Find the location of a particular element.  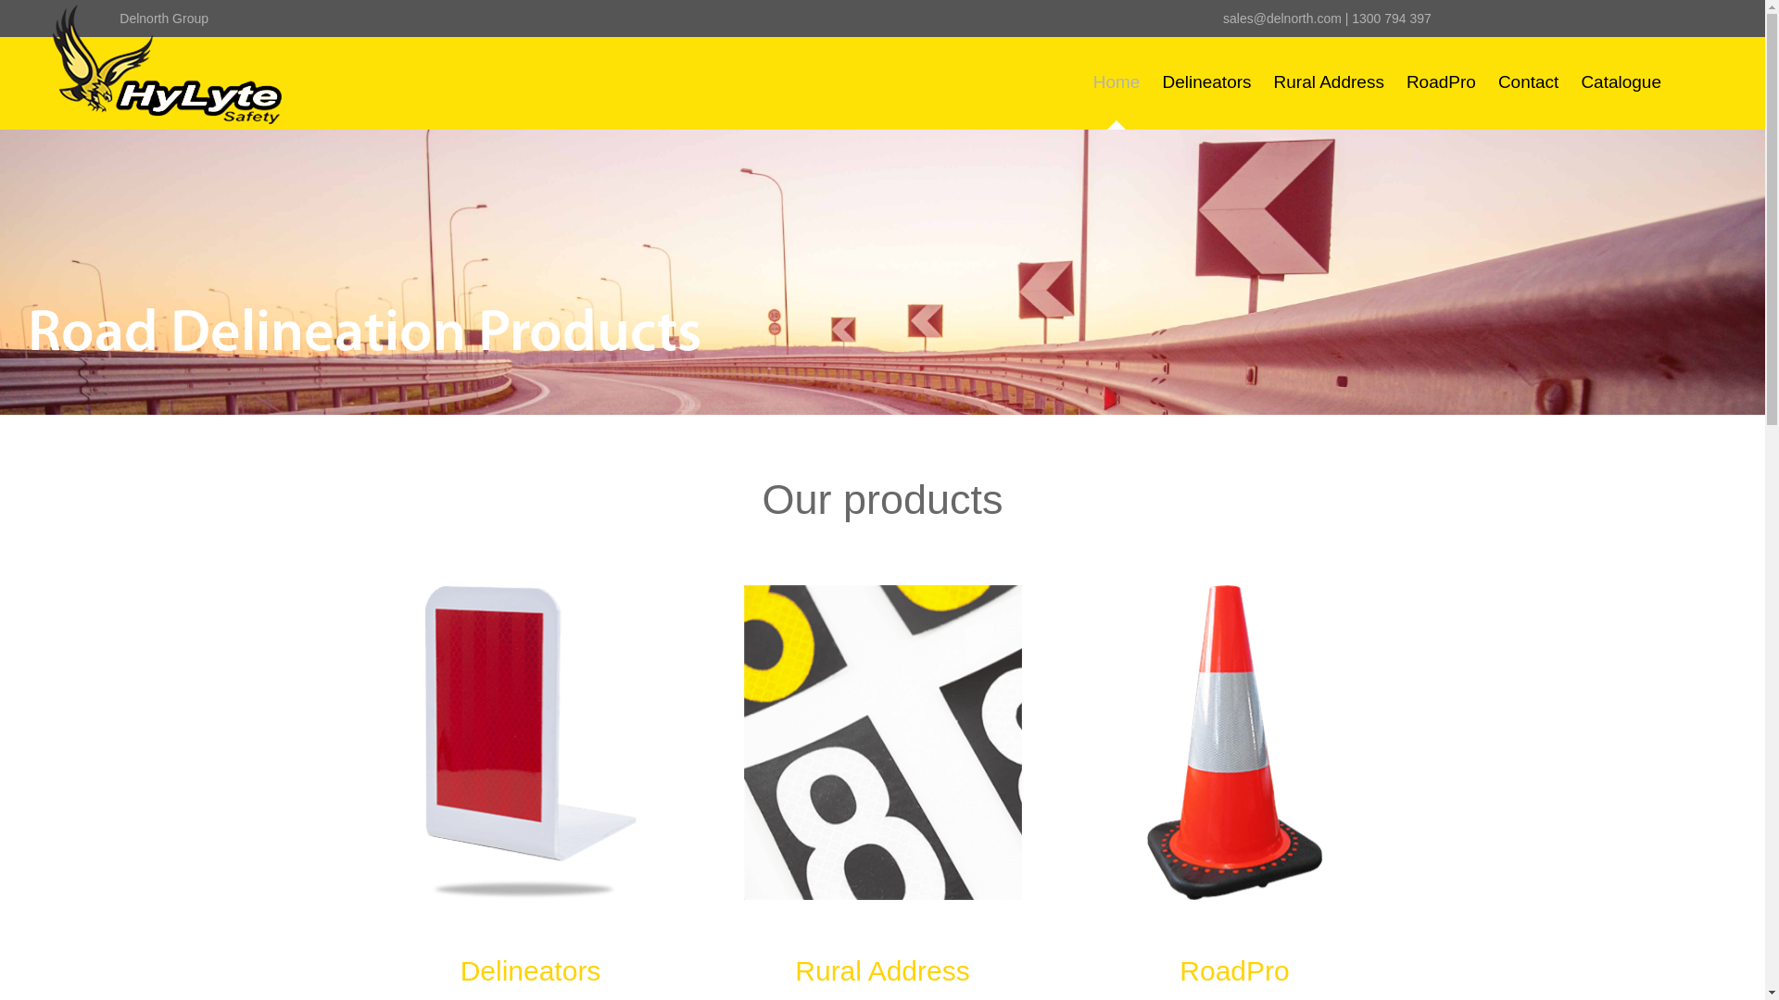

'Home' is located at coordinates (1116, 81).